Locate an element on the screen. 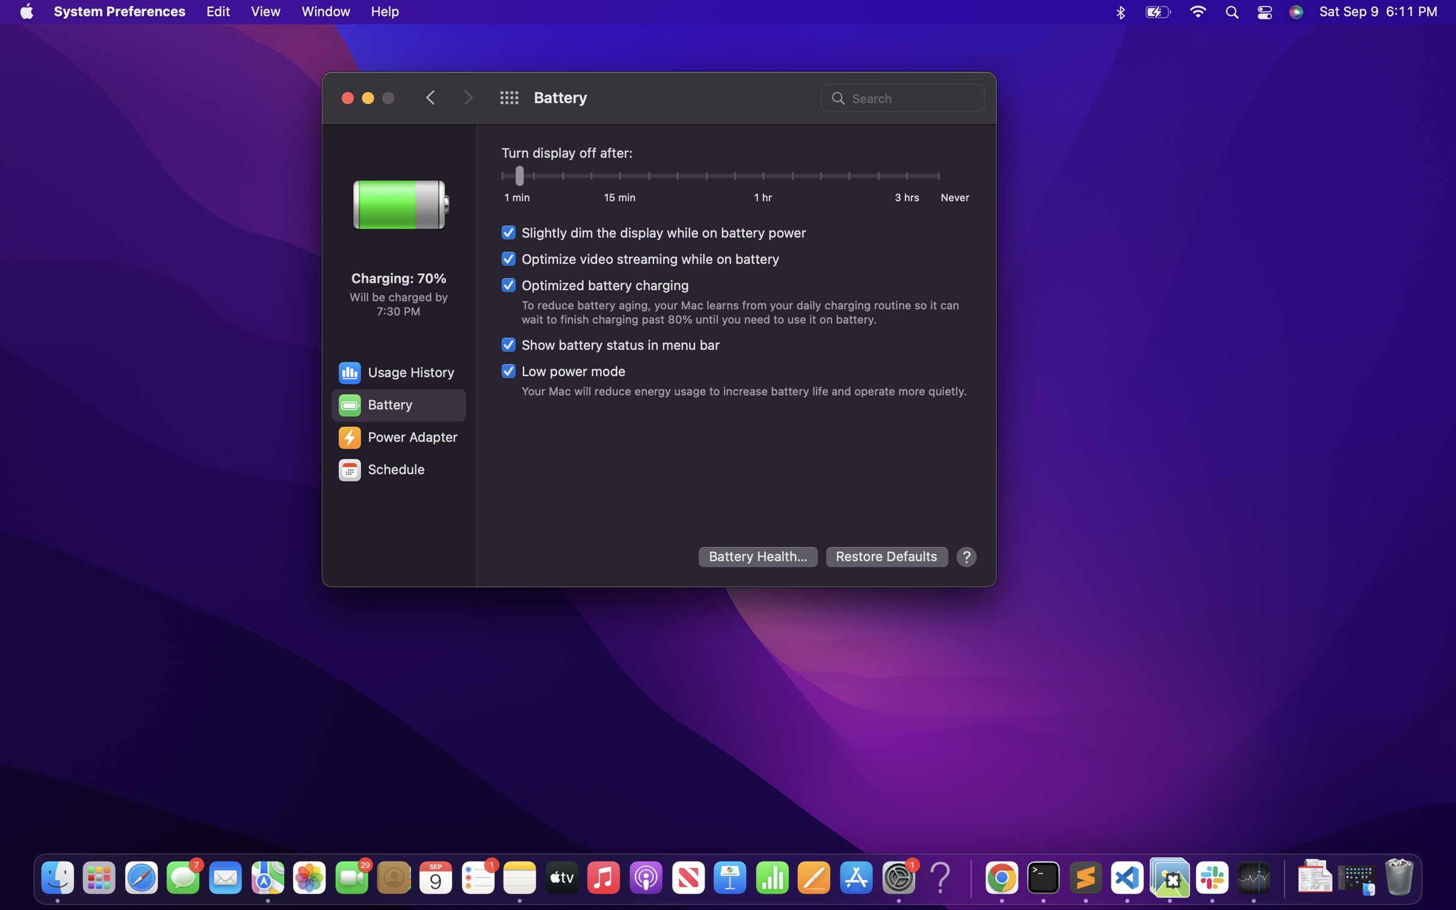 Image resolution: width=1456 pixels, height=910 pixels. Shut down the open window is located at coordinates (347, 96).